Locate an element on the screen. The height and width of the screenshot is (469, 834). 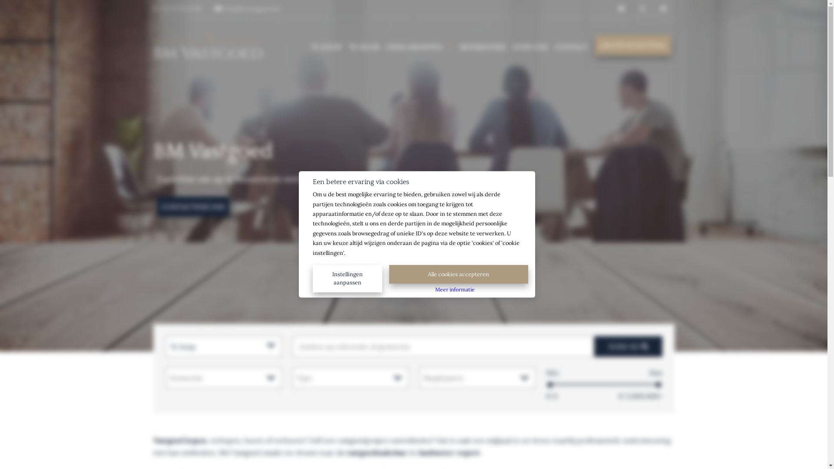
'Instellingen aanpassen' is located at coordinates (351, 273).